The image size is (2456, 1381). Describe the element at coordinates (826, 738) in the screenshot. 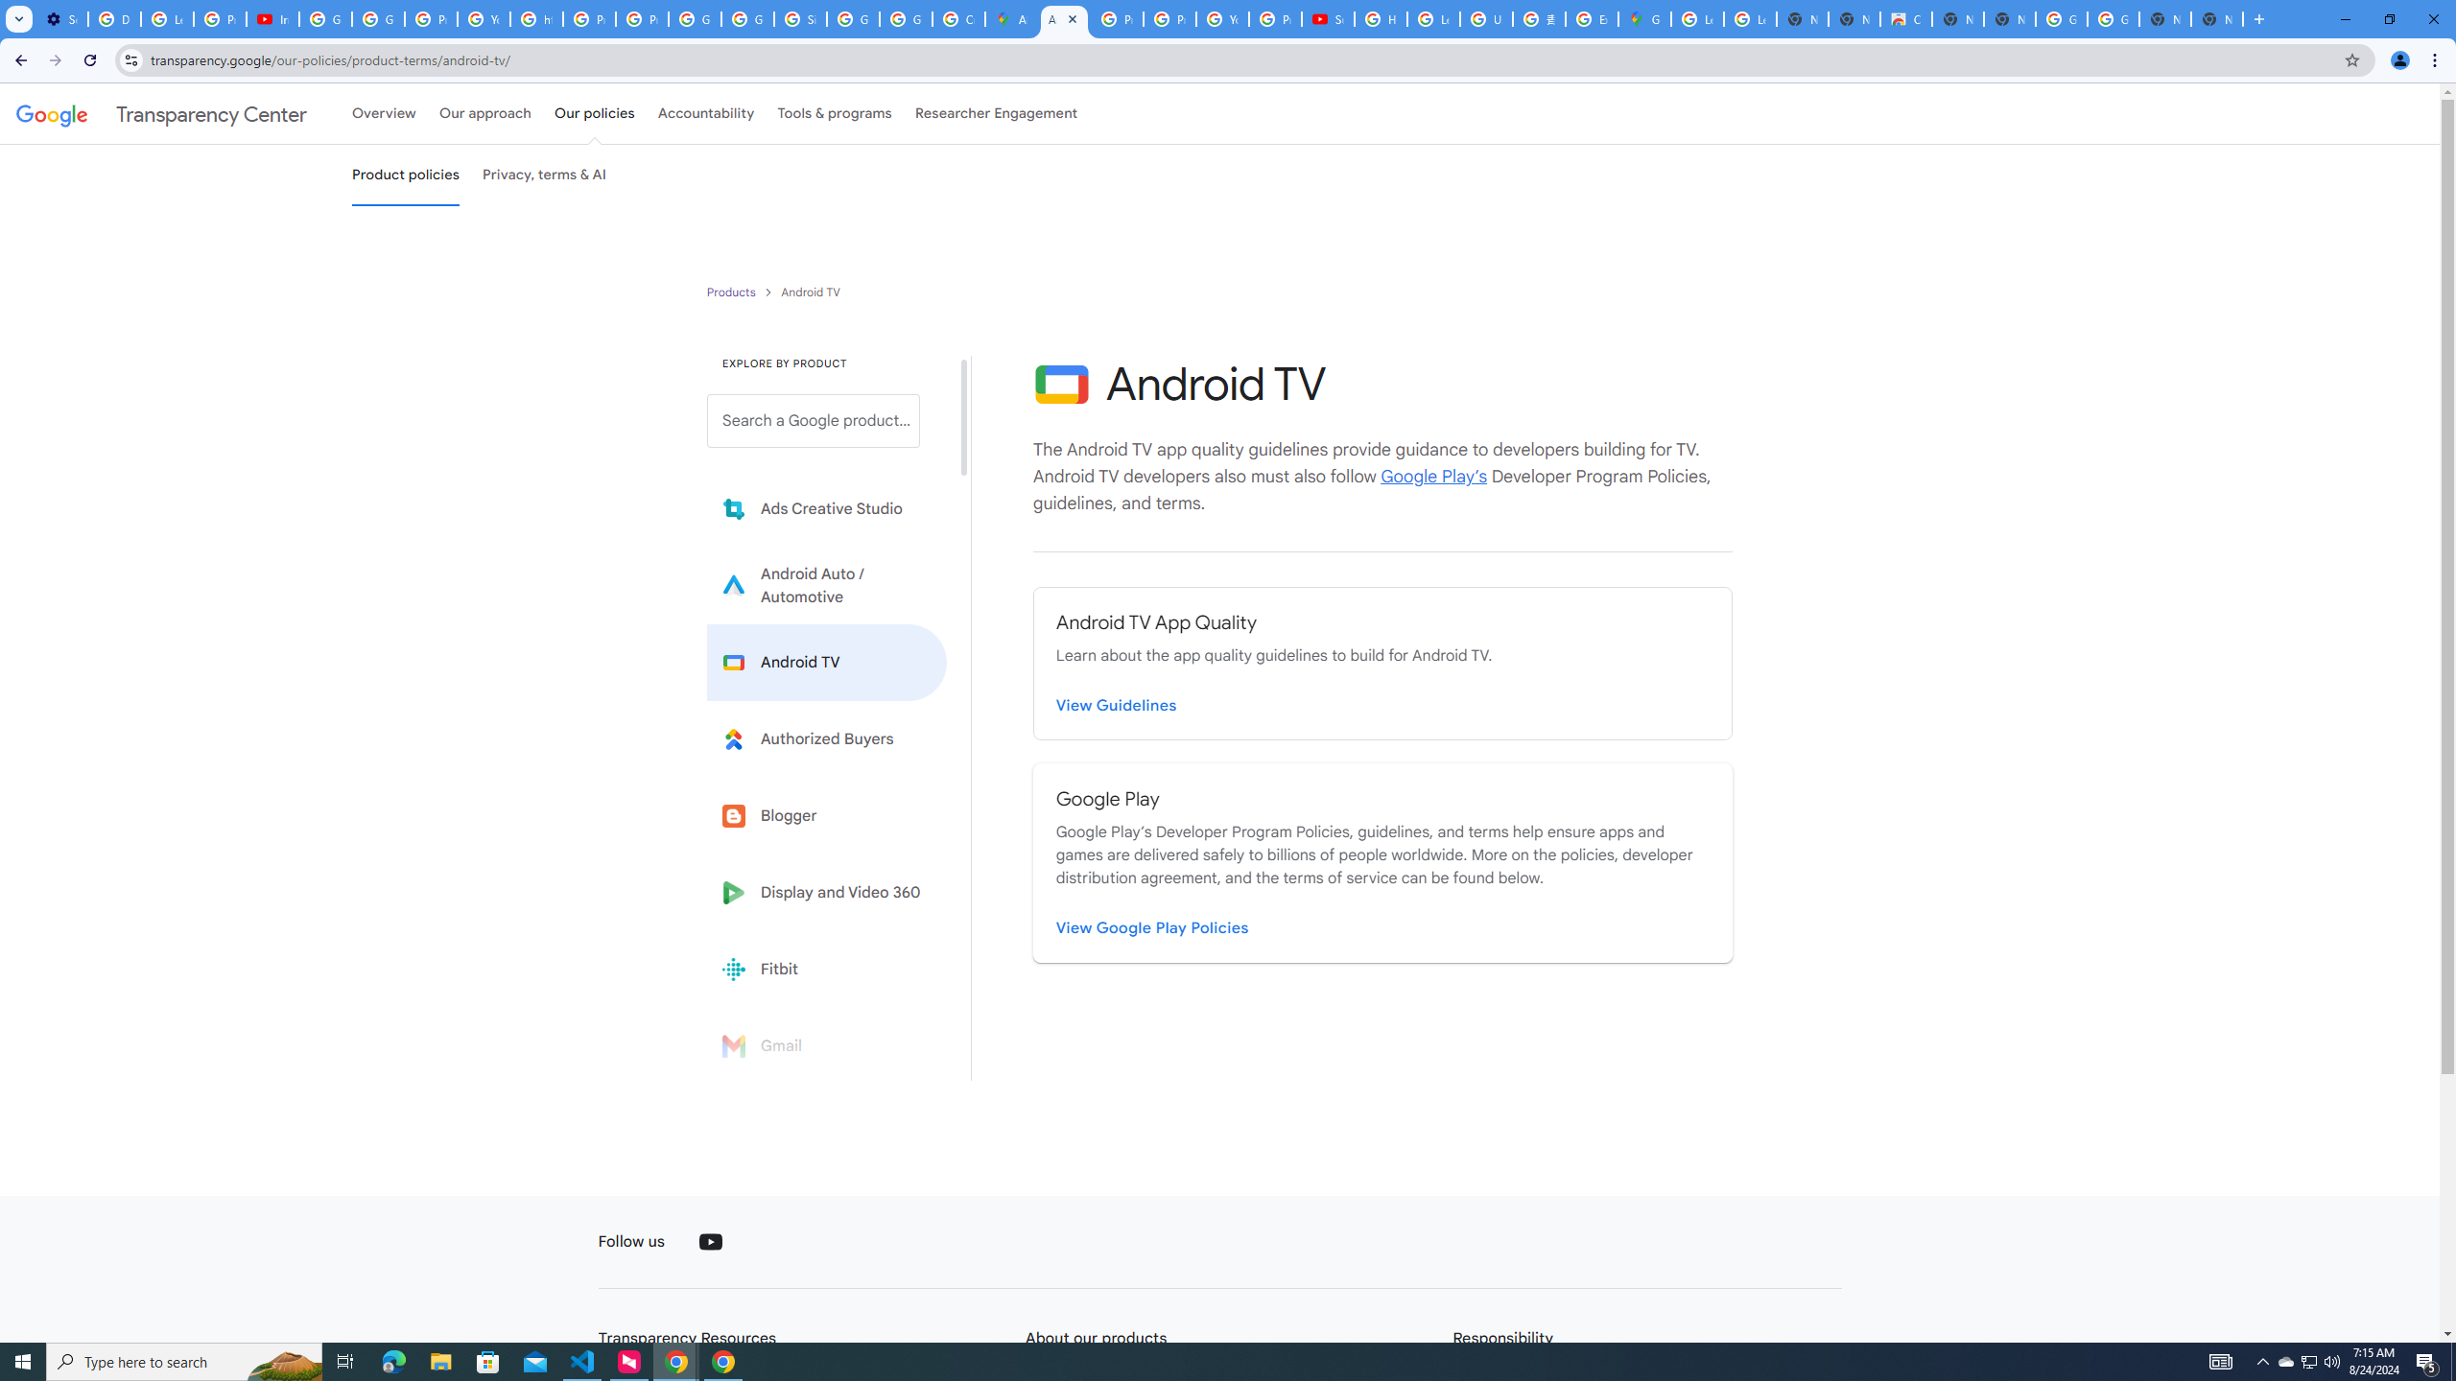

I see `'Learn more about Authorized Buyers'` at that location.